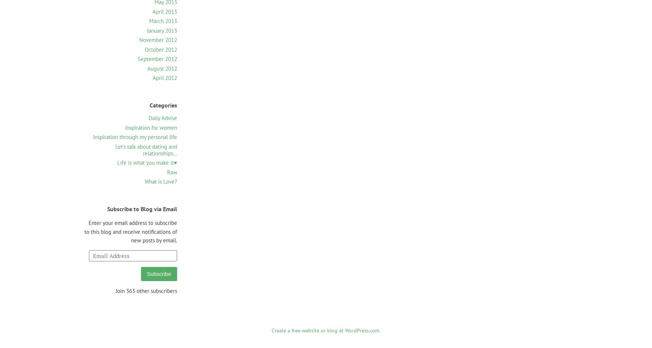 Image resolution: width=652 pixels, height=348 pixels. I want to click on 'Join 363 other subscribers', so click(146, 290).